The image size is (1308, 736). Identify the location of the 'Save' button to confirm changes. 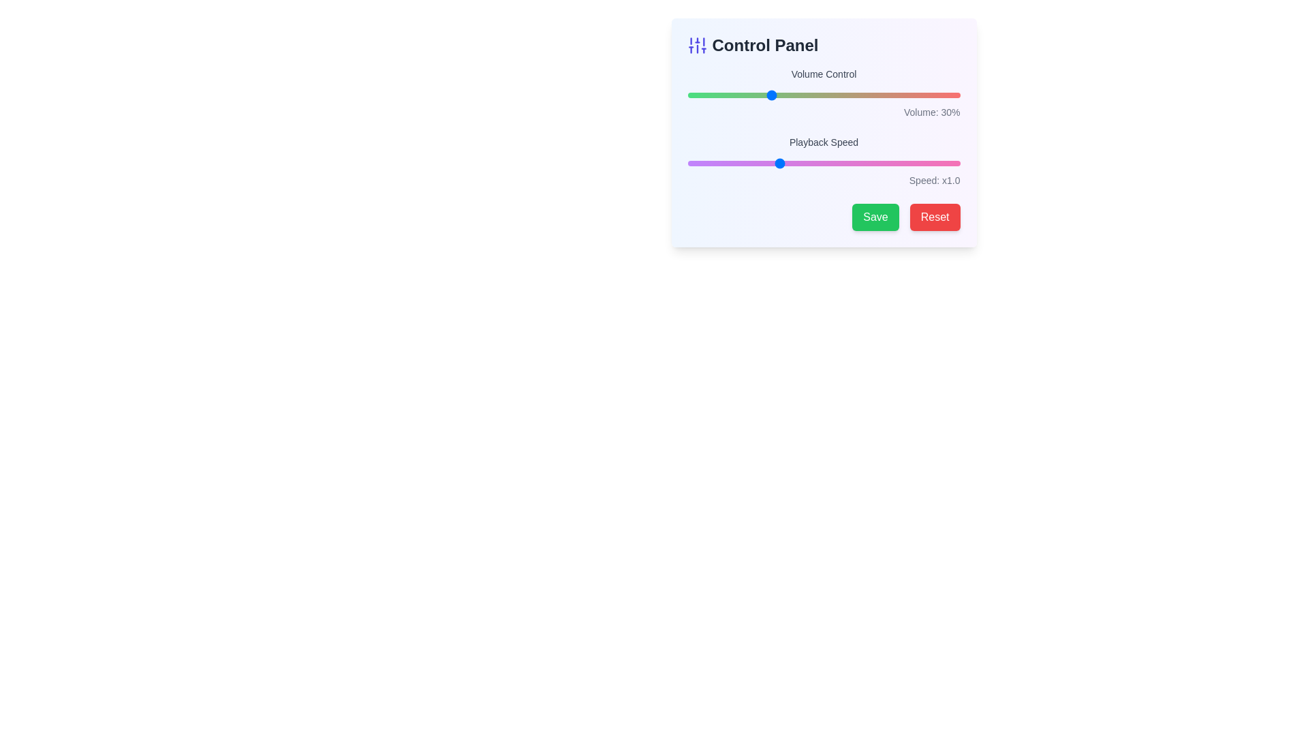
(875, 217).